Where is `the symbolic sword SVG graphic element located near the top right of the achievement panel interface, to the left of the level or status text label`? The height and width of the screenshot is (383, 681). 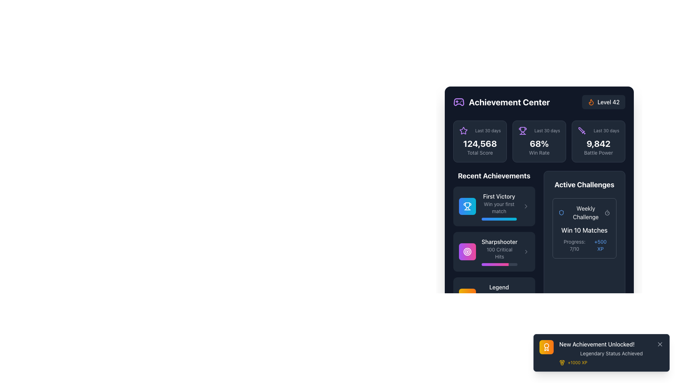 the symbolic sword SVG graphic element located near the top right of the achievement panel interface, to the left of the level or status text label is located at coordinates (581, 130).